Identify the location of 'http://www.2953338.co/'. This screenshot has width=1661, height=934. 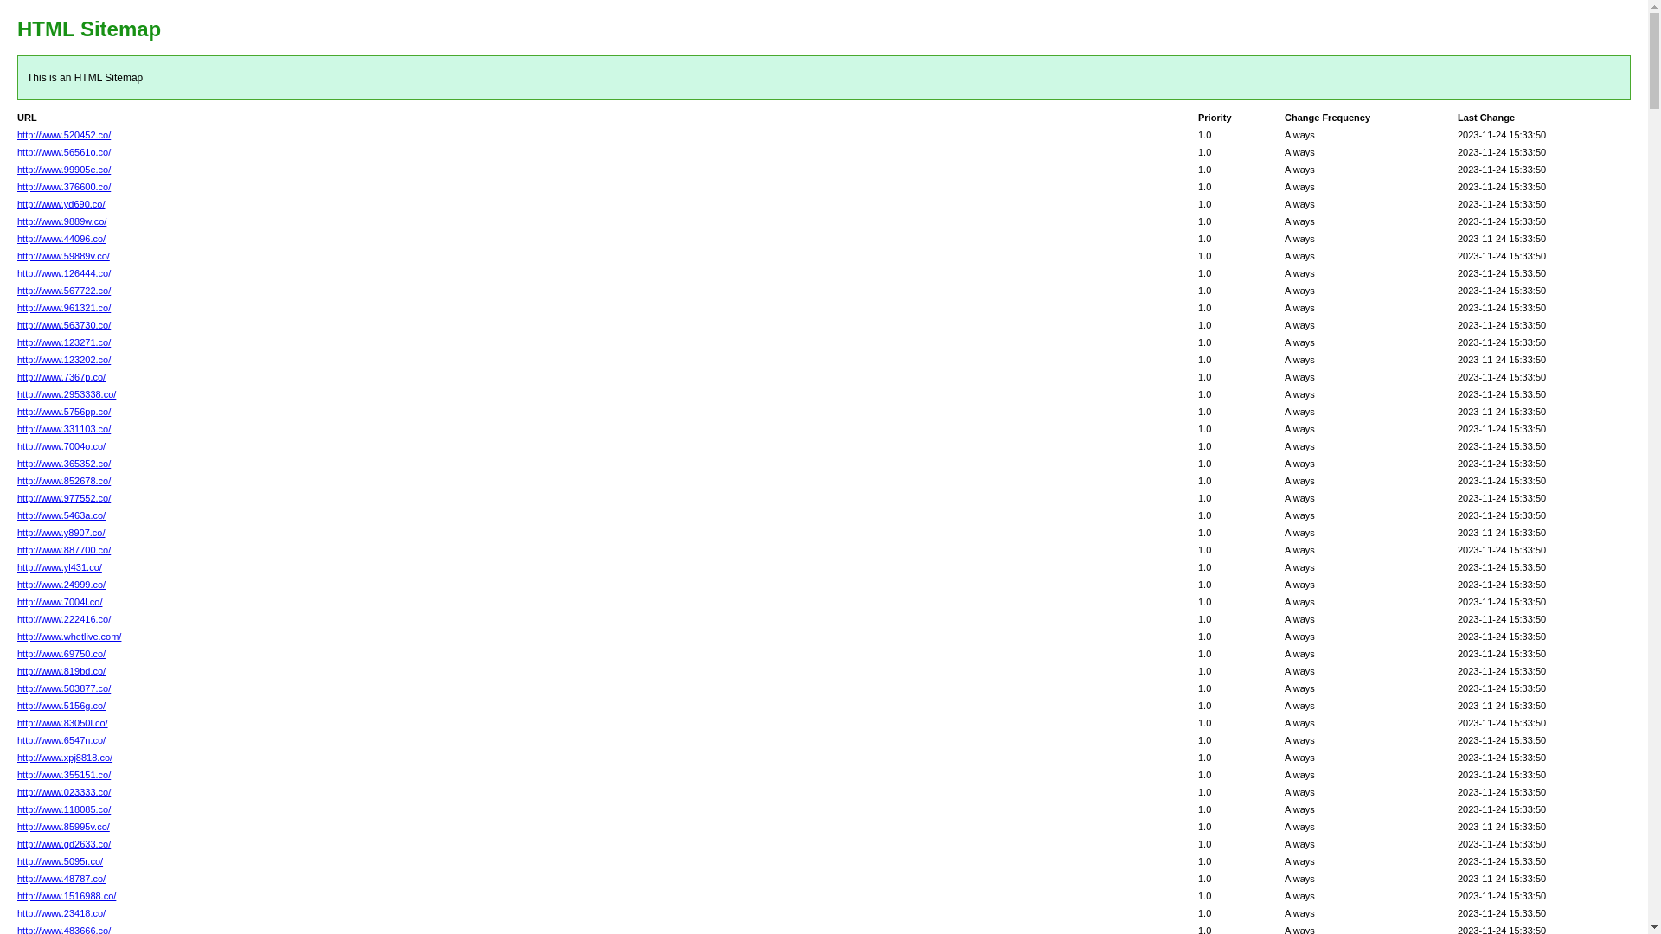
(16, 393).